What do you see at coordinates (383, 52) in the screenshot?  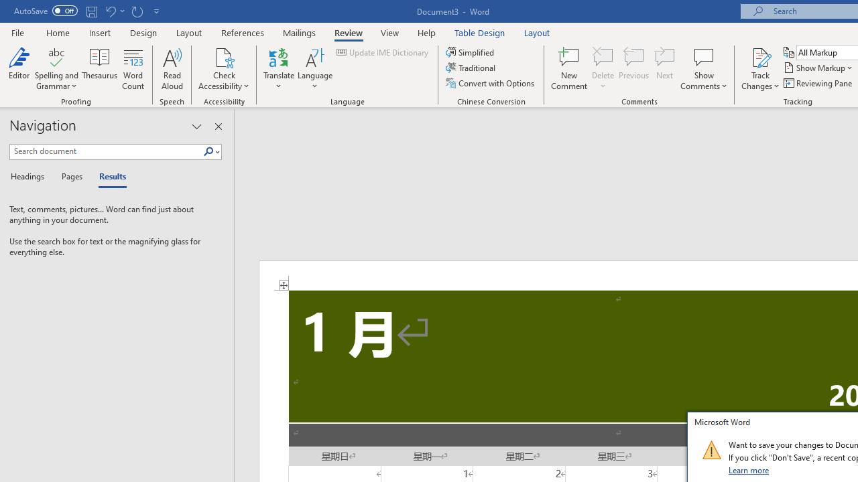 I see `'Update IME Dictionary...'` at bounding box center [383, 52].